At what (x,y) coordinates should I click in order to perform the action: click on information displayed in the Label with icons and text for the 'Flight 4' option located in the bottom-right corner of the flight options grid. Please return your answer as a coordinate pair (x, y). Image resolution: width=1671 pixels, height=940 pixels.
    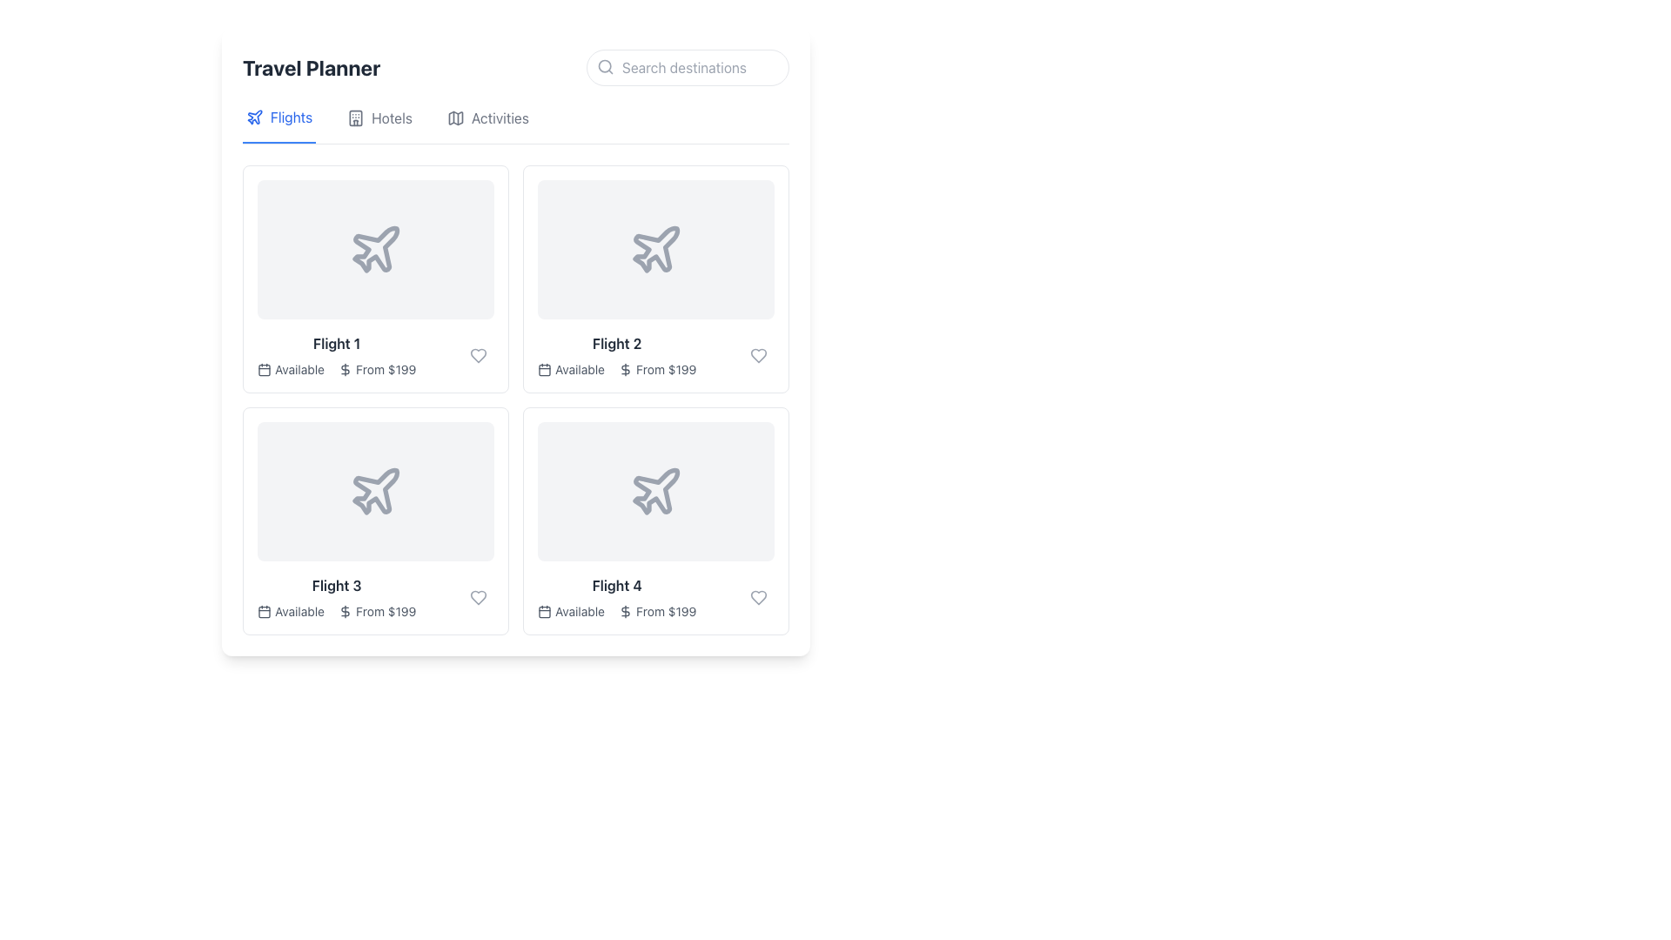
    Looking at the image, I should click on (617, 610).